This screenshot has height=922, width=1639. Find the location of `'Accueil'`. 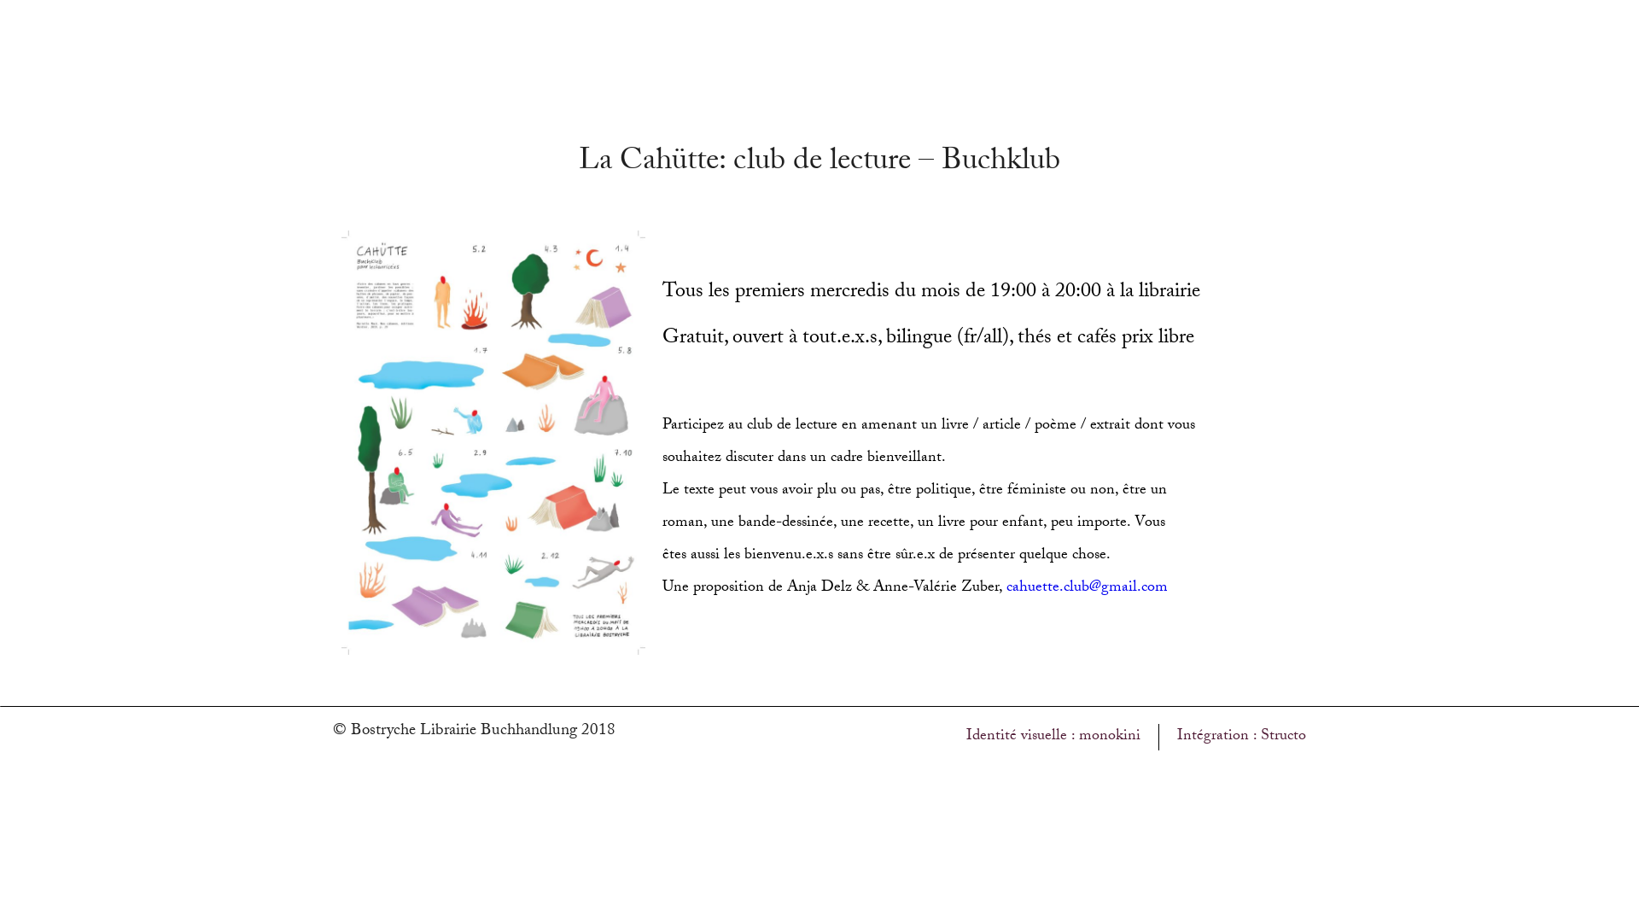

'Accueil' is located at coordinates (372, 32).